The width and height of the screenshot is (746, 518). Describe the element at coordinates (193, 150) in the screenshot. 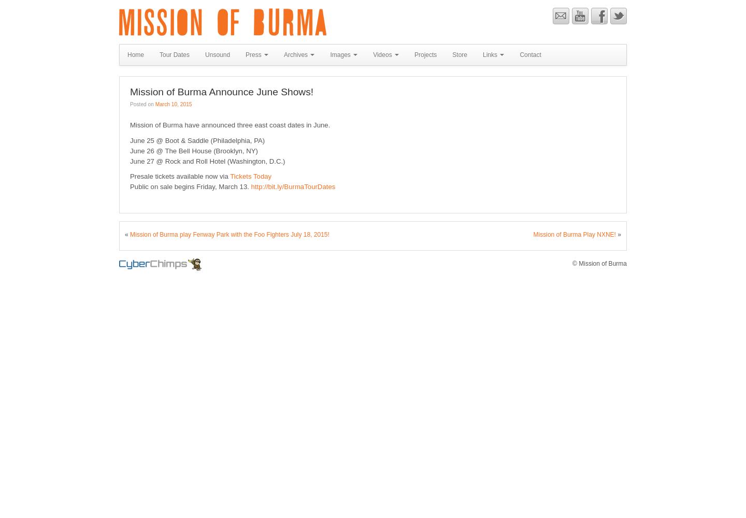

I see `'June 26 @ The Bell House (Brooklyn, NY)'` at that location.